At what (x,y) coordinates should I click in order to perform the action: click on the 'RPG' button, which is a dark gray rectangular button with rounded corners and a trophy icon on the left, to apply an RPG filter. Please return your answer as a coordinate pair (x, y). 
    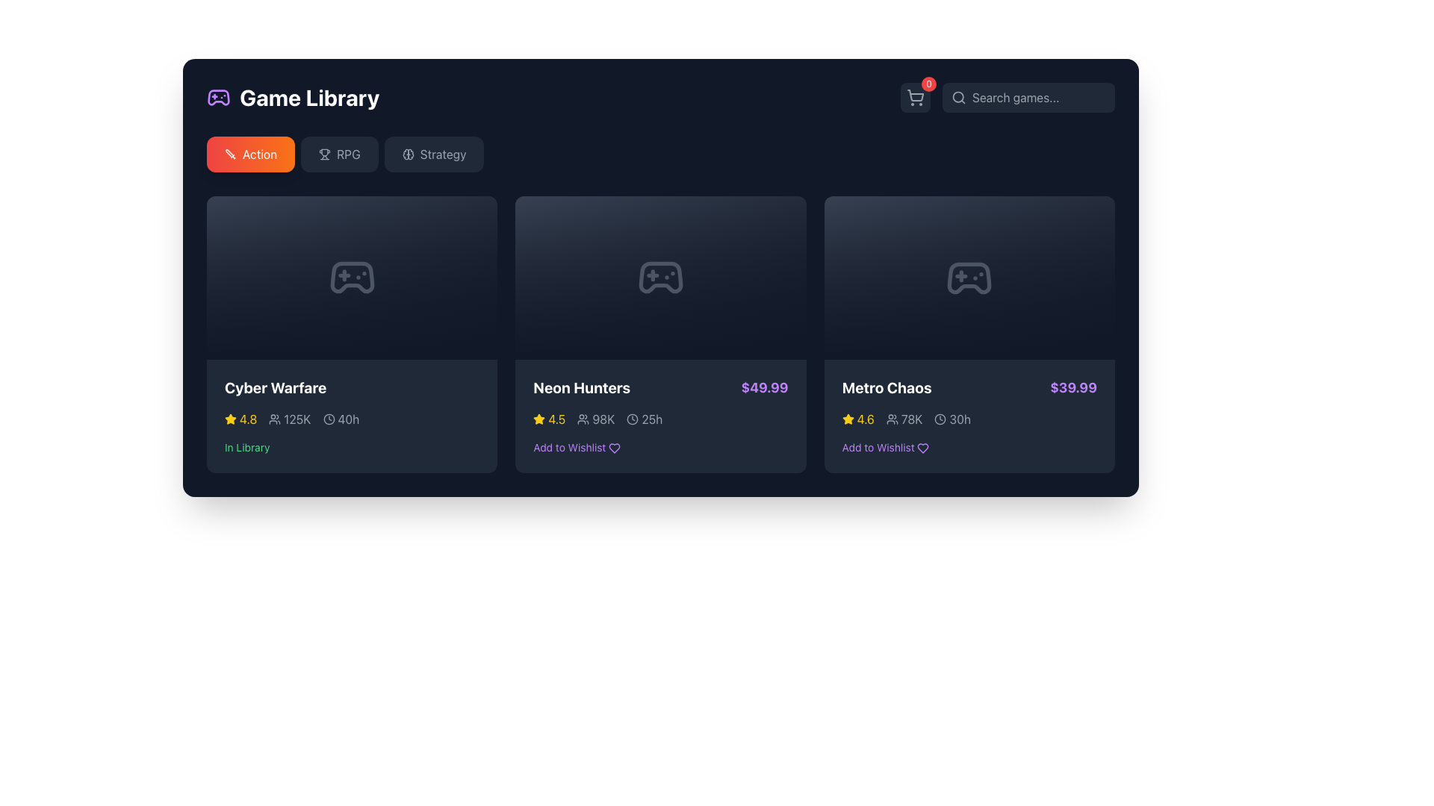
    Looking at the image, I should click on (338, 154).